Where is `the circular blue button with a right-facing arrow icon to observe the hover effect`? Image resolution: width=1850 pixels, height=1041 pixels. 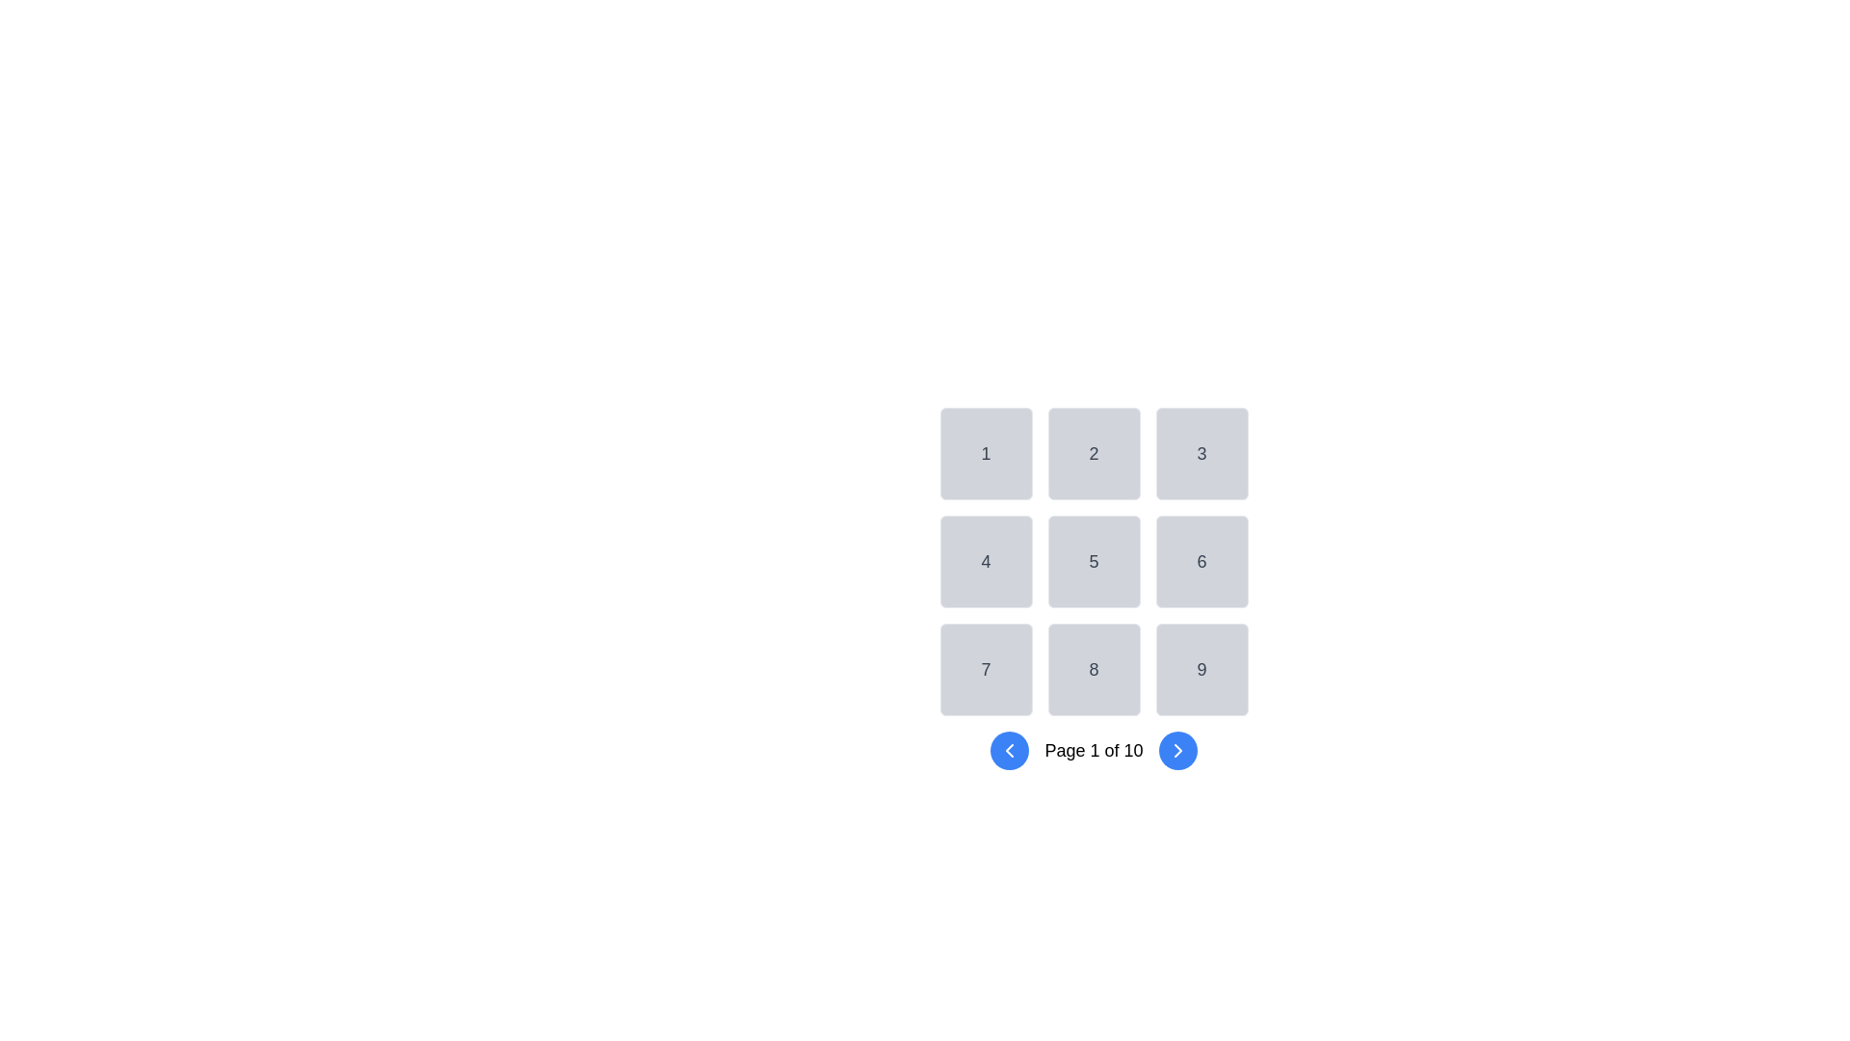
the circular blue button with a right-facing arrow icon to observe the hover effect is located at coordinates (1176, 750).